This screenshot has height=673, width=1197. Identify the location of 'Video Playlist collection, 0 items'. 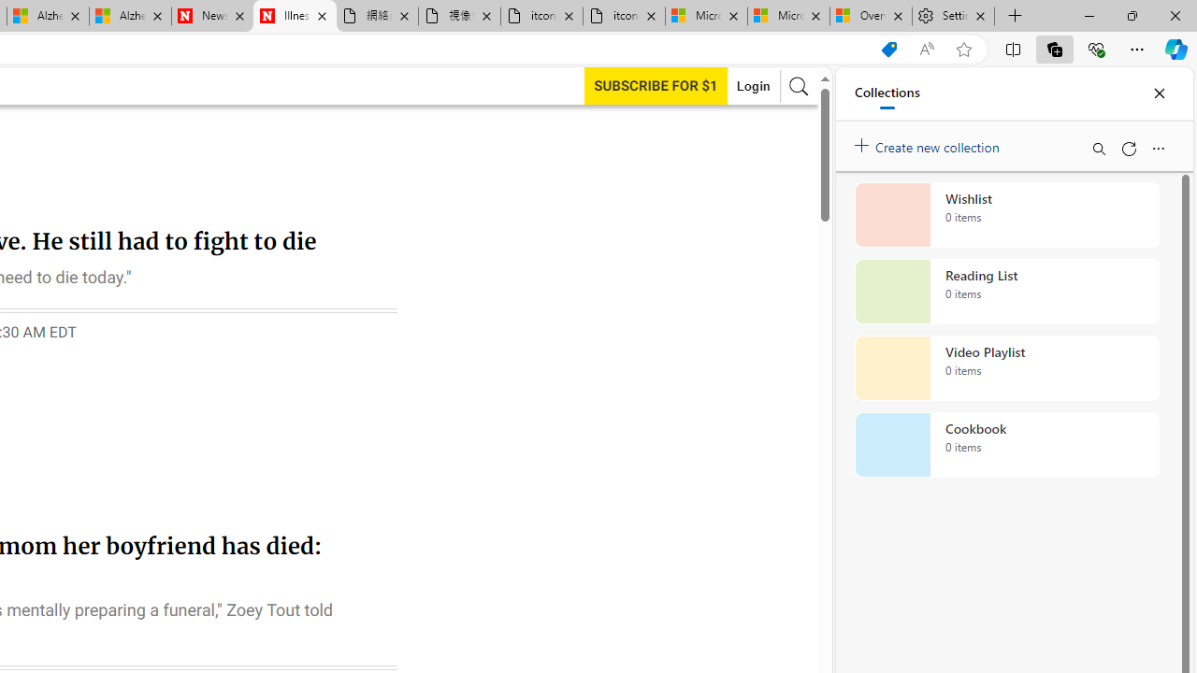
(1006, 368).